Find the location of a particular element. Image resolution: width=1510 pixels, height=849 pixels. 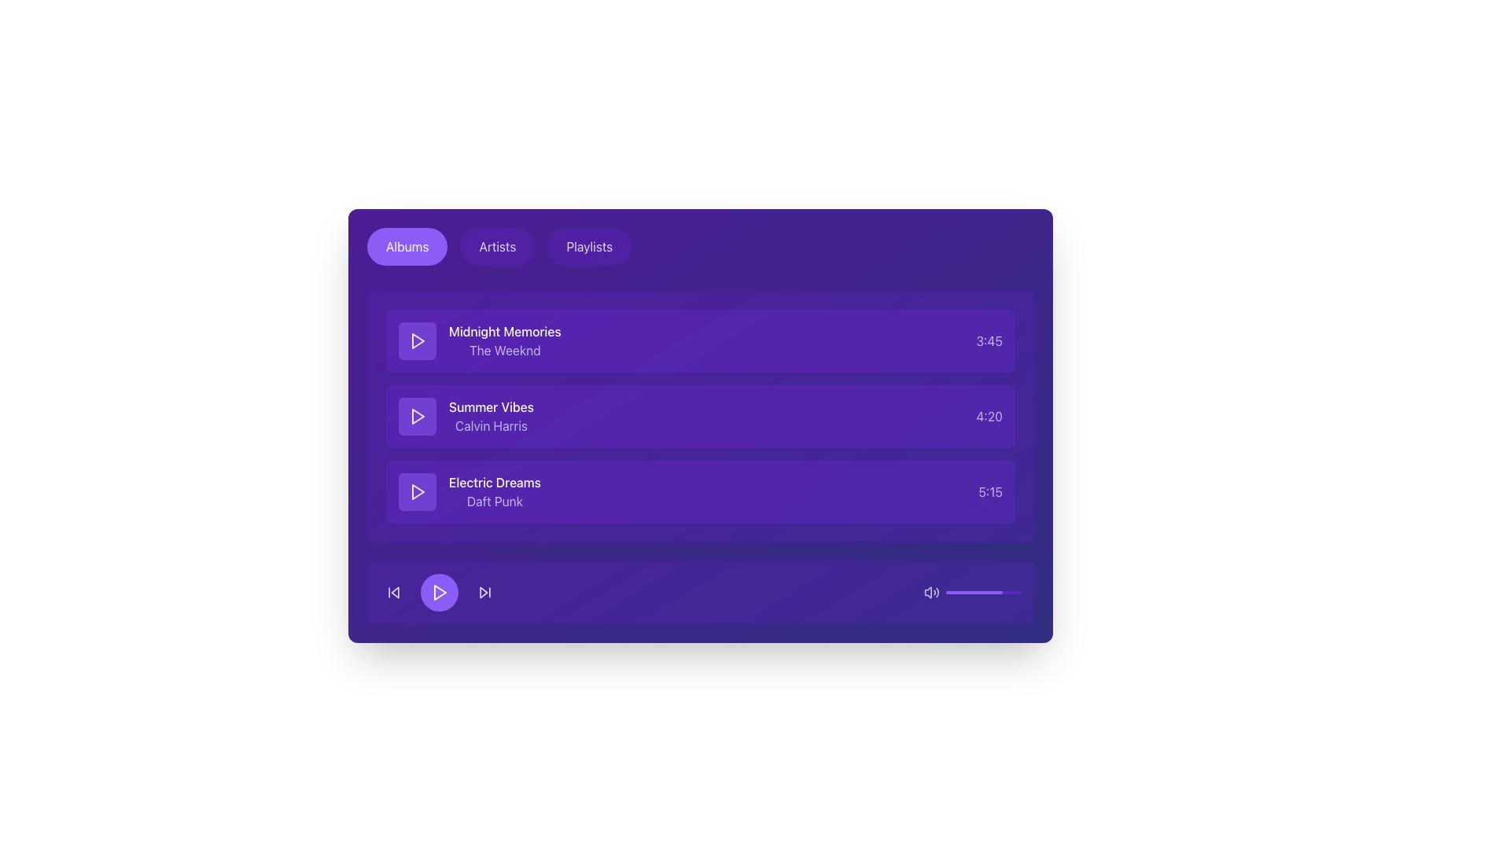

the circular violet button with a white play icon to play the song 'Summer Vibes' by Calvin Harris is located at coordinates (418, 415).